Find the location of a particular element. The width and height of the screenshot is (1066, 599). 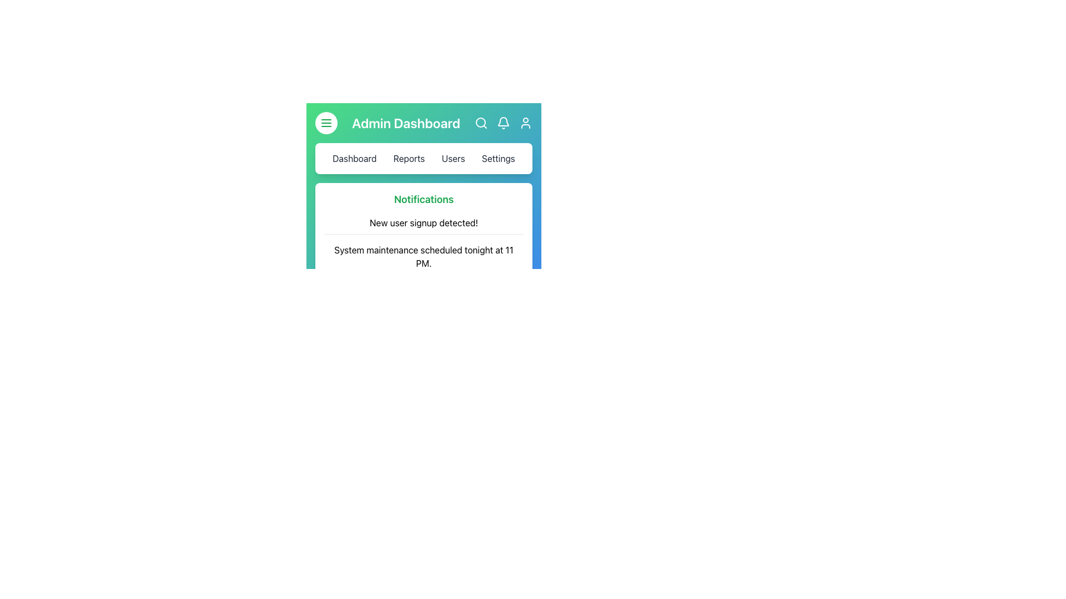

informational text about a new user signup event located under the 'Notifications' heading, which is the first entry in the list is located at coordinates (423, 223).